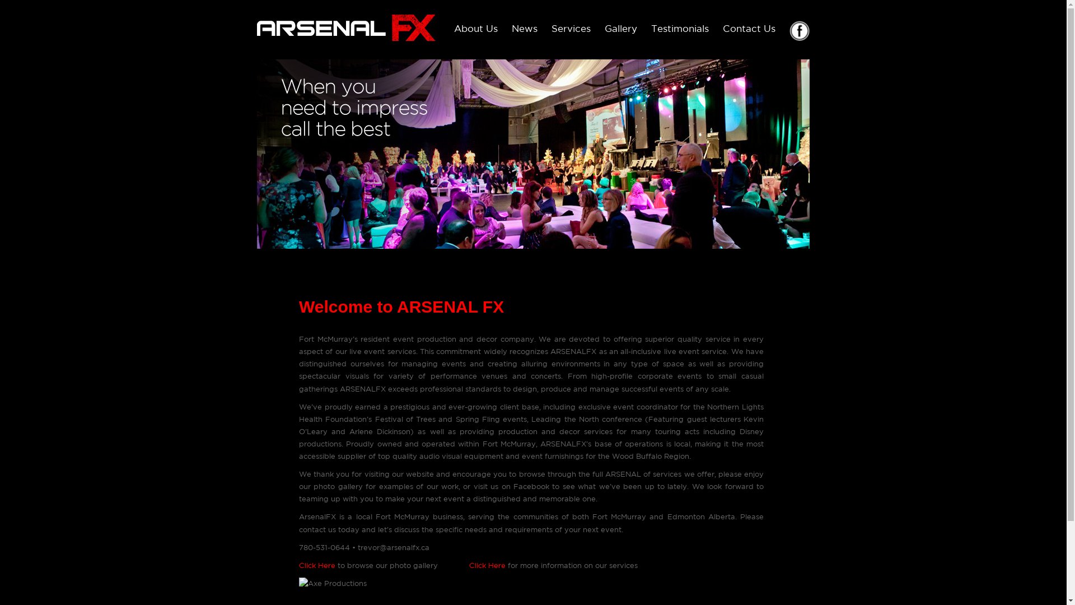 Image resolution: width=1075 pixels, height=605 pixels. I want to click on 'Contact Us', so click(749, 27).